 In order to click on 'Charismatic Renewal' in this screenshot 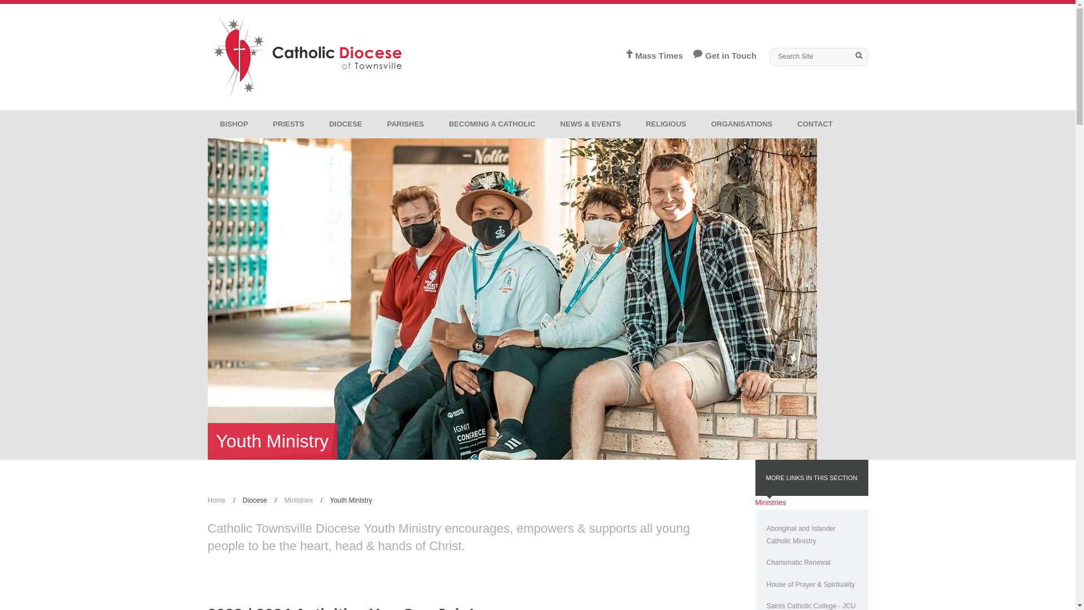, I will do `click(811, 562)`.